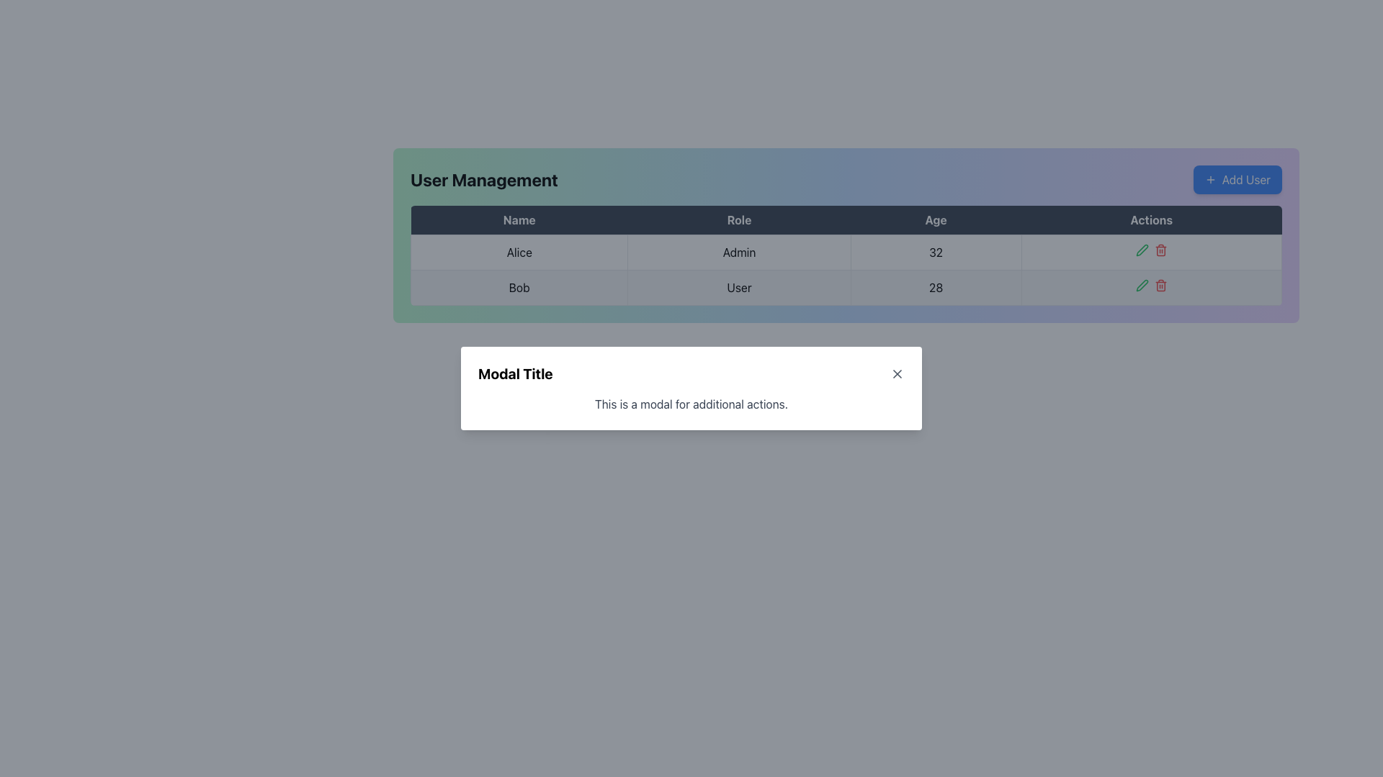 The height and width of the screenshot is (777, 1383). I want to click on the action cell in the 'Actions' column corresponding to user 'Alice', so click(1150, 252).